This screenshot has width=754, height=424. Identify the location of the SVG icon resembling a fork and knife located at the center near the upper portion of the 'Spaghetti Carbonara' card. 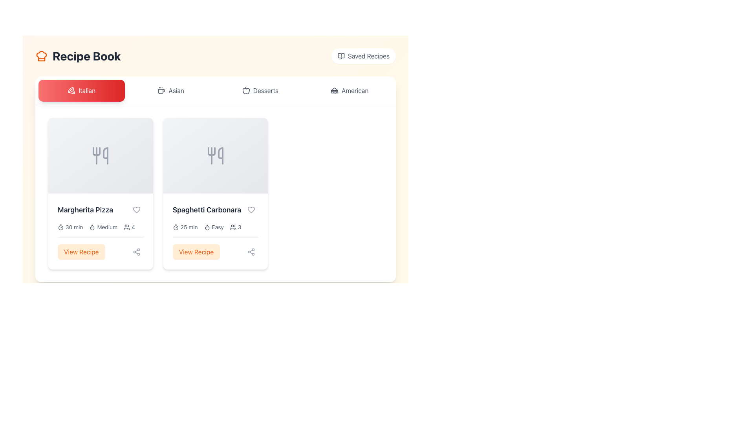
(215, 156).